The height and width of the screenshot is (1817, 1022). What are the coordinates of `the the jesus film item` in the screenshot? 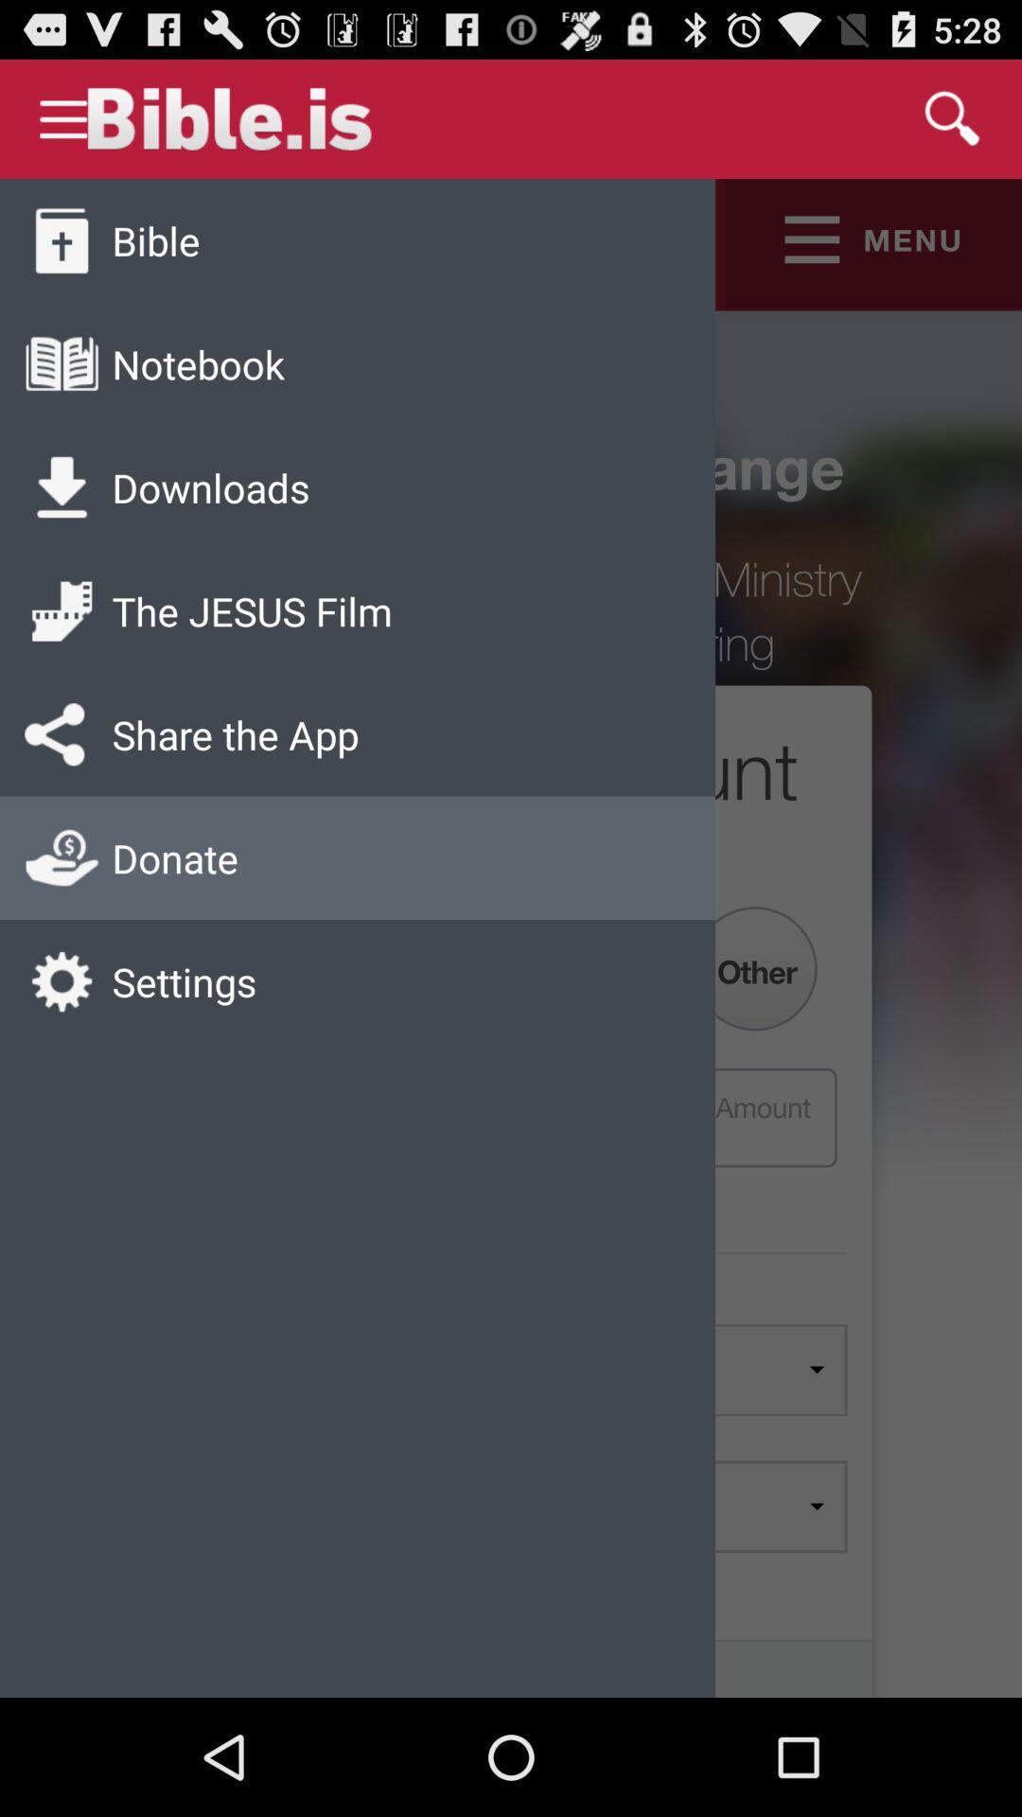 It's located at (251, 610).